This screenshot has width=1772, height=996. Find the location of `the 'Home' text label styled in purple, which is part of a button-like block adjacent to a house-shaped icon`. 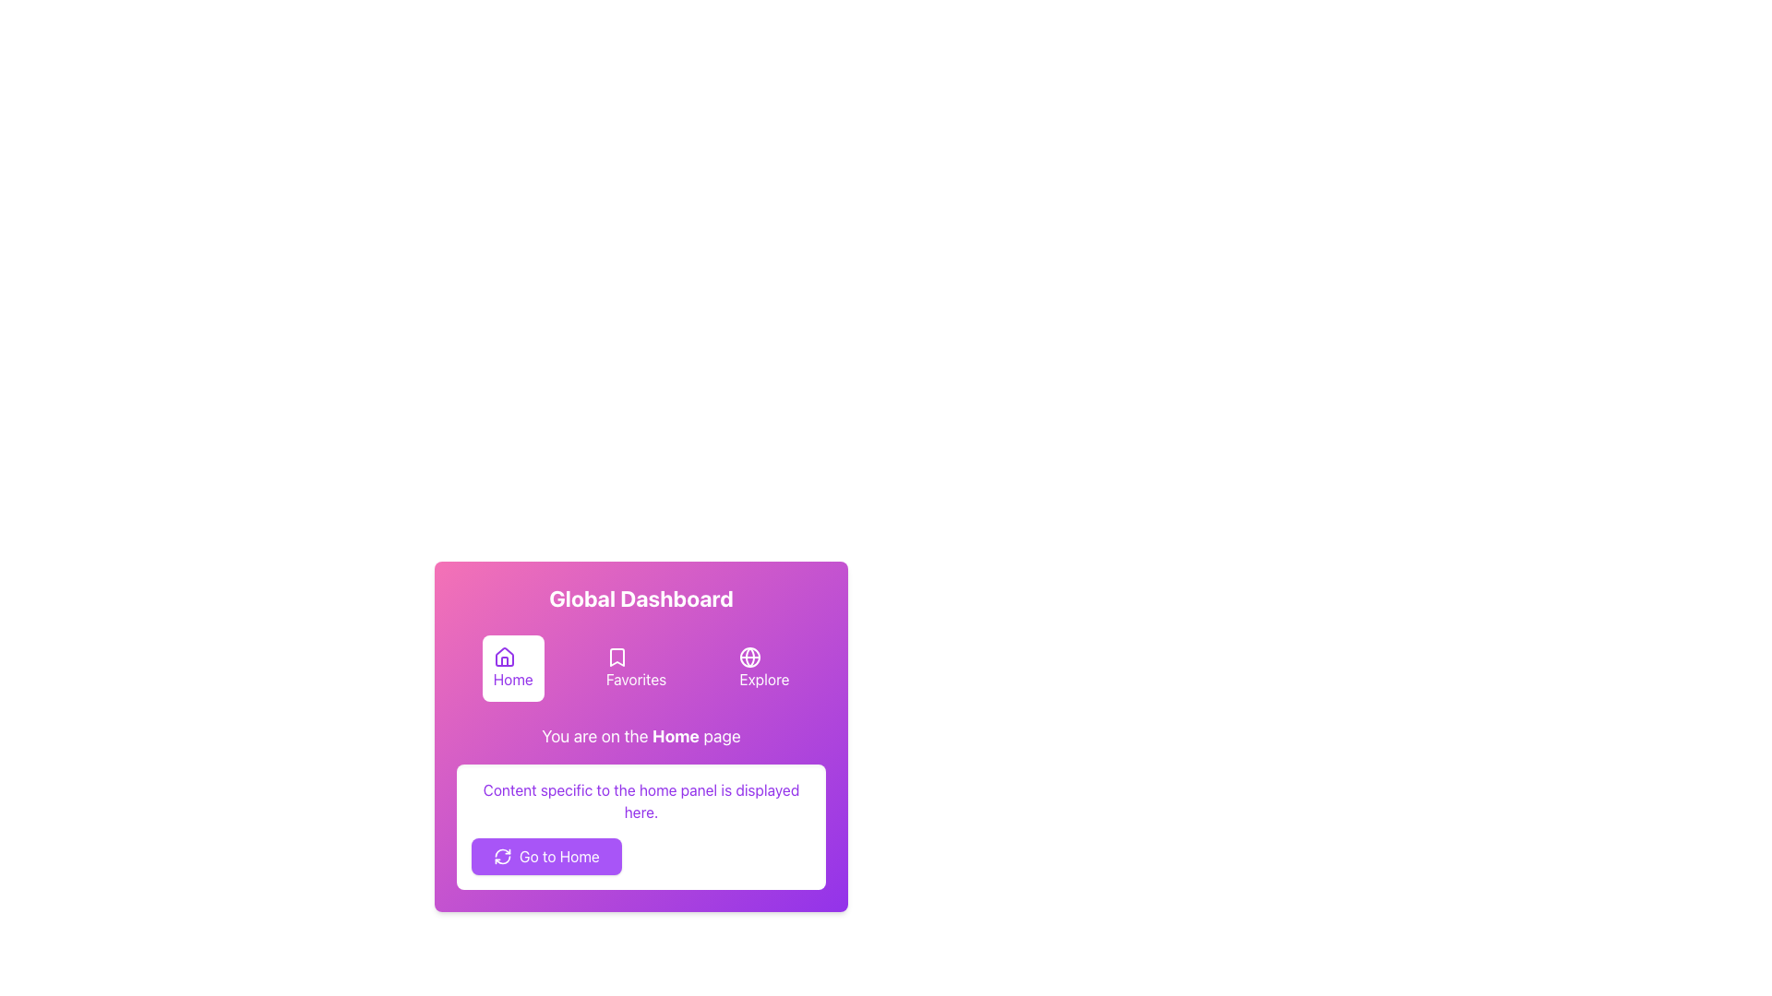

the 'Home' text label styled in purple, which is part of a button-like block adjacent to a house-shaped icon is located at coordinates (513, 679).